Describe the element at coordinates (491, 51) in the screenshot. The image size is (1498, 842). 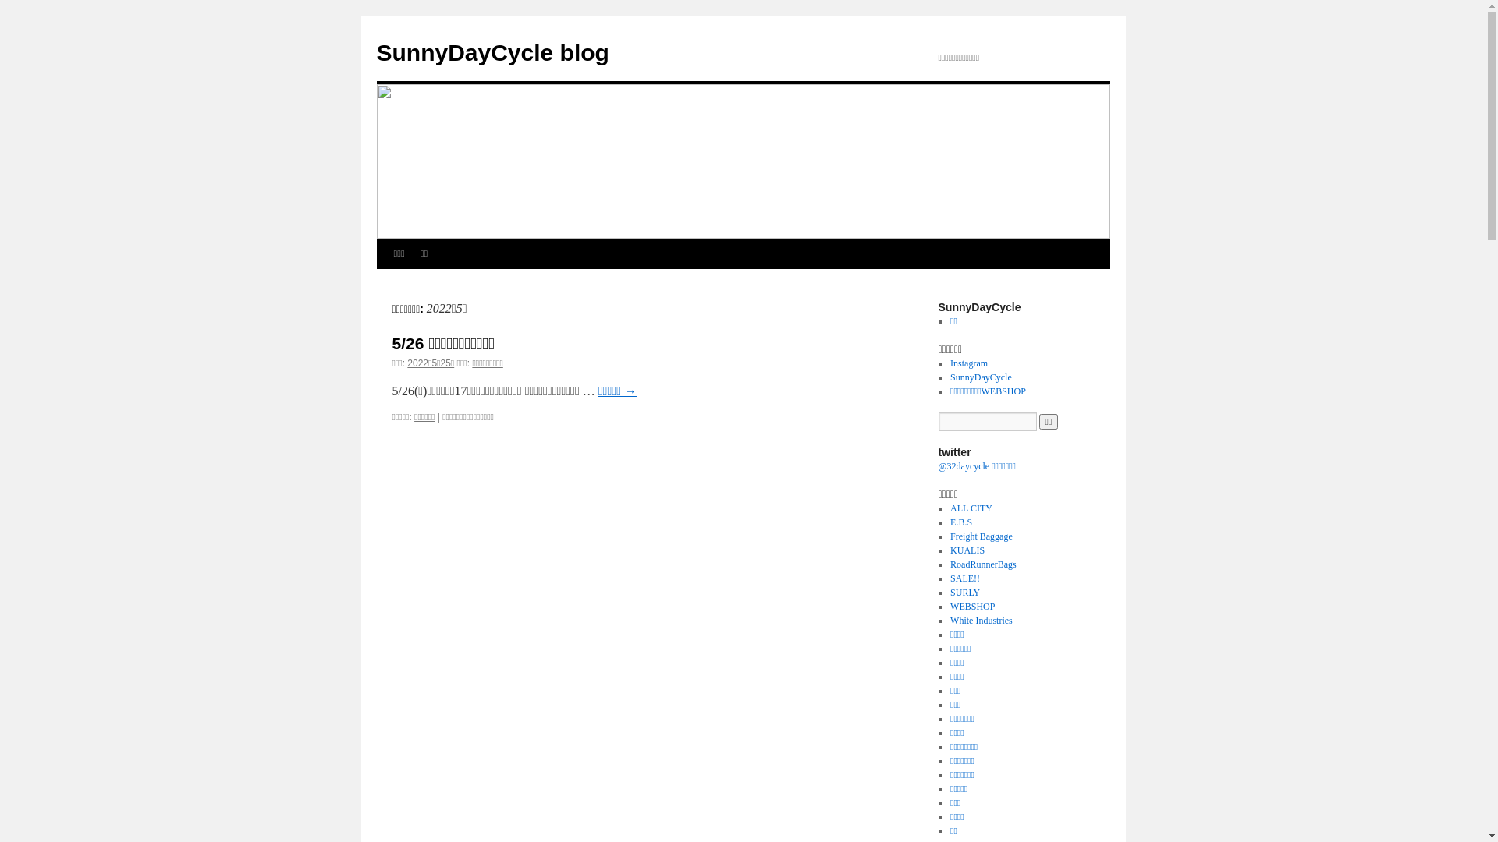
I see `'SunnyDayCycle blog'` at that location.